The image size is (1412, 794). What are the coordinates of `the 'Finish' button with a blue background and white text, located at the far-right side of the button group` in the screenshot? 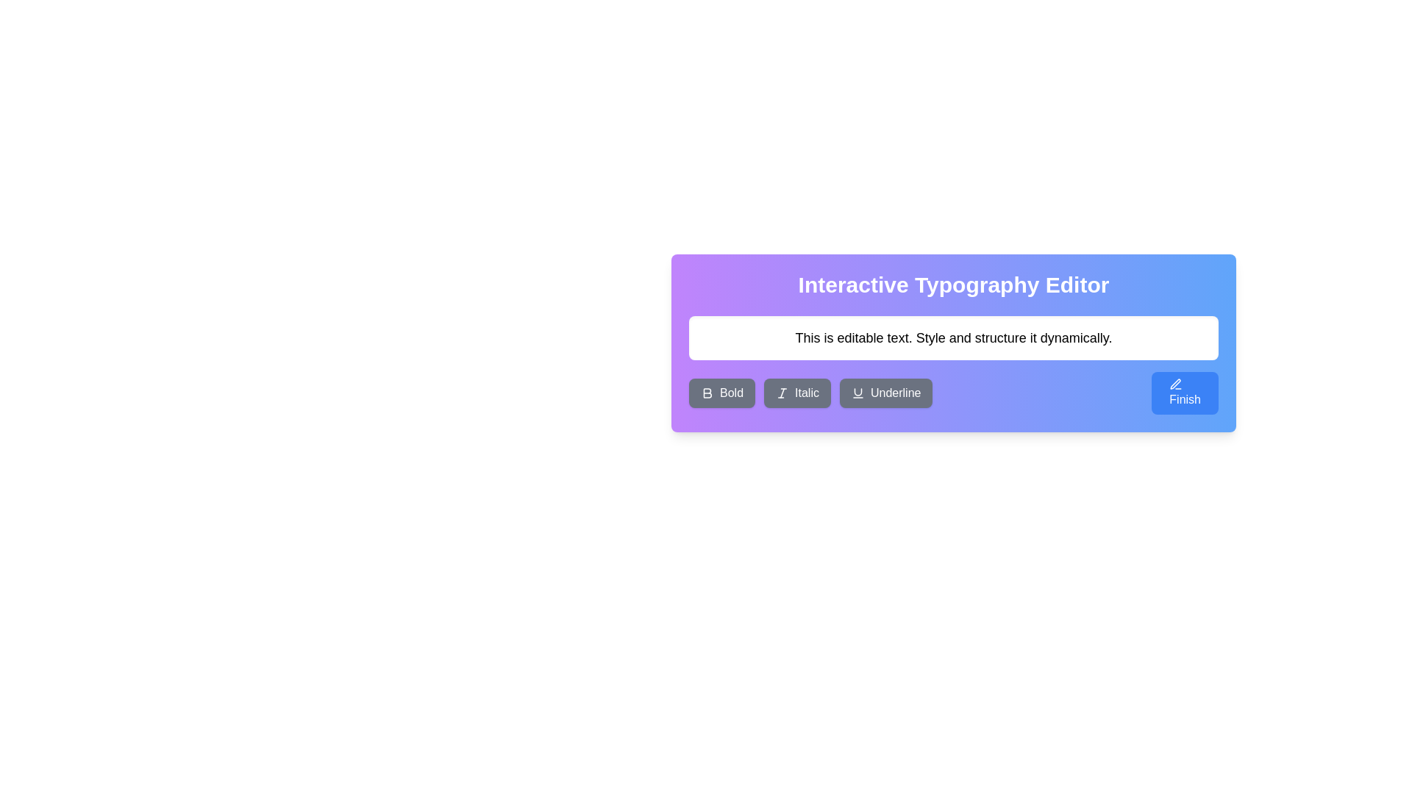 It's located at (1185, 393).